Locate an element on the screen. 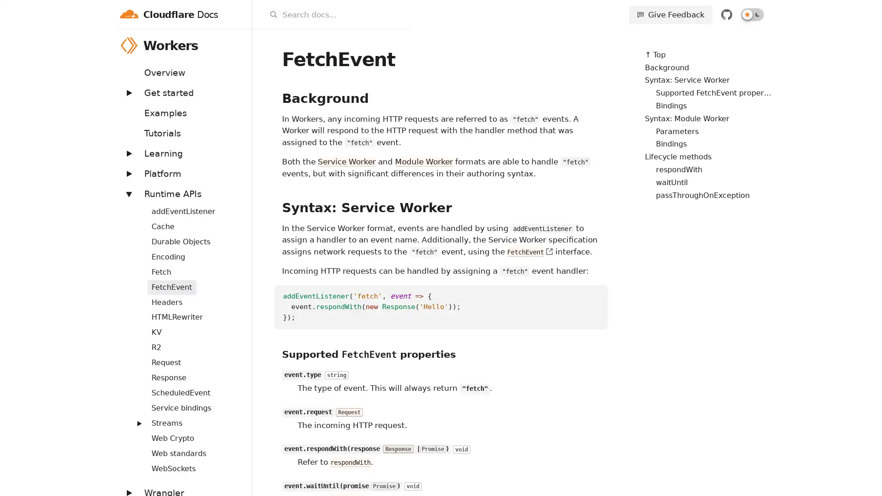  Expand: Streams is located at coordinates (138, 423).